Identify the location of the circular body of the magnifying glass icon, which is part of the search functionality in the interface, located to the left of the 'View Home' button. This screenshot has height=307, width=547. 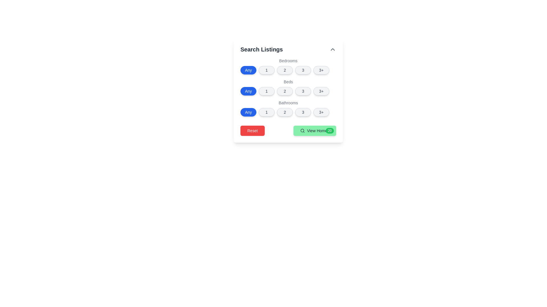
(302, 130).